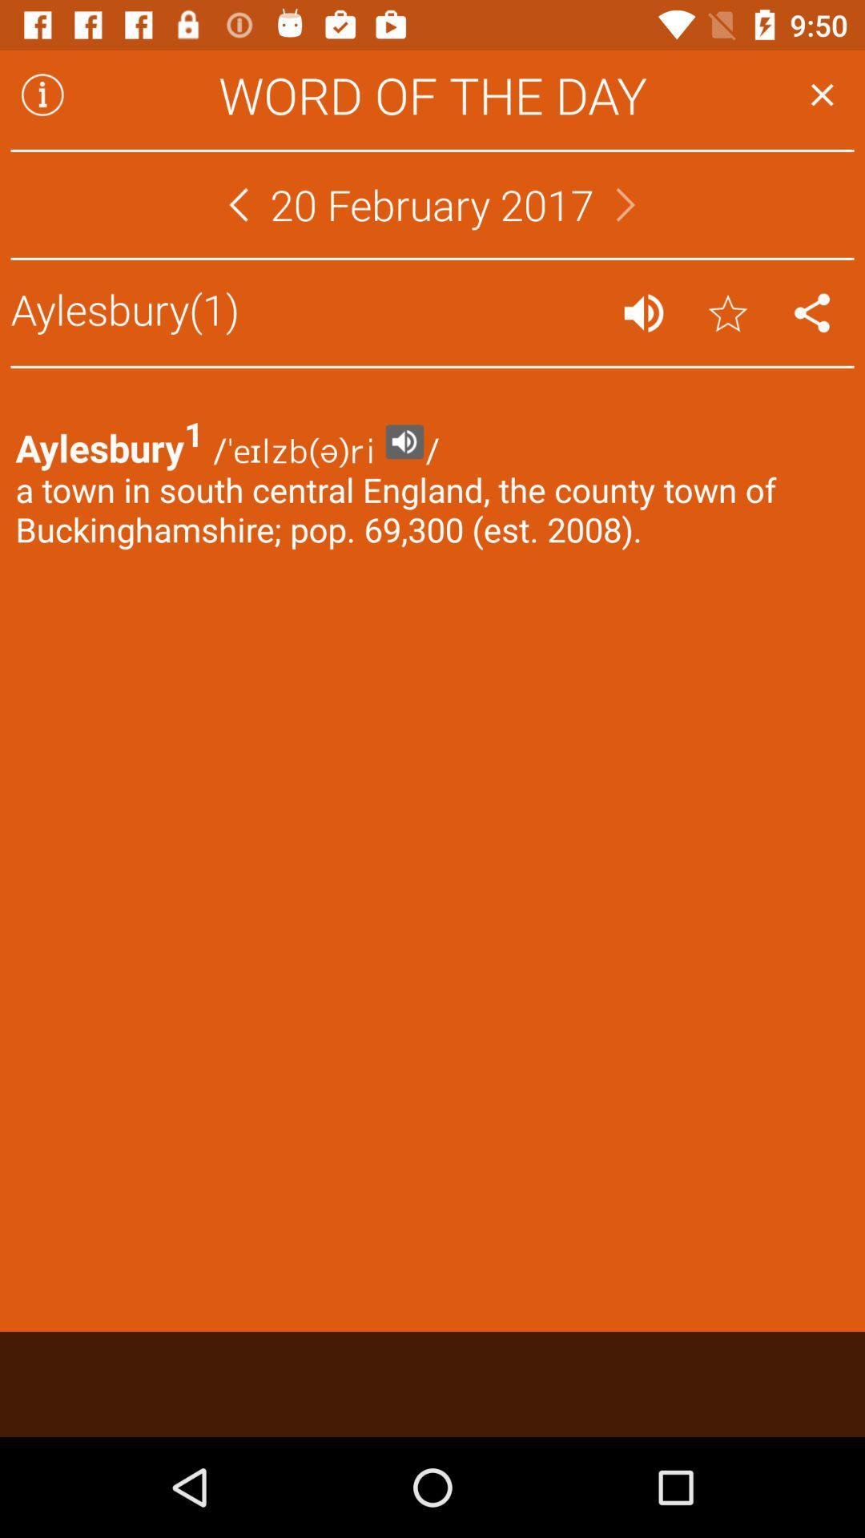 The image size is (865, 1538). What do you see at coordinates (238, 203) in the screenshot?
I see `app to the left of the 20 february 2017 icon` at bounding box center [238, 203].